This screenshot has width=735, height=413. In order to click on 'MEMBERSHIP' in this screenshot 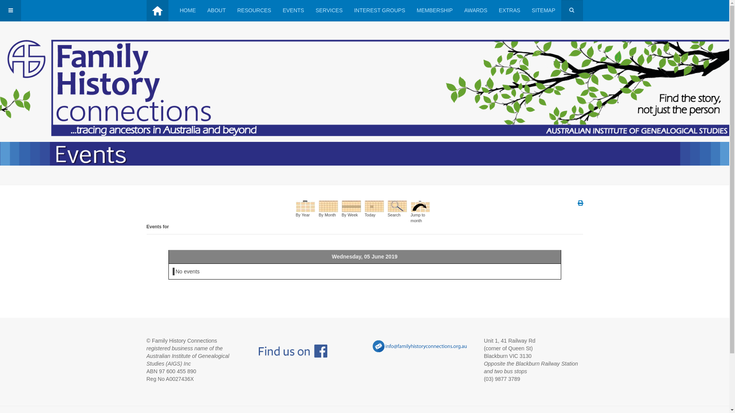, I will do `click(435, 10)`.